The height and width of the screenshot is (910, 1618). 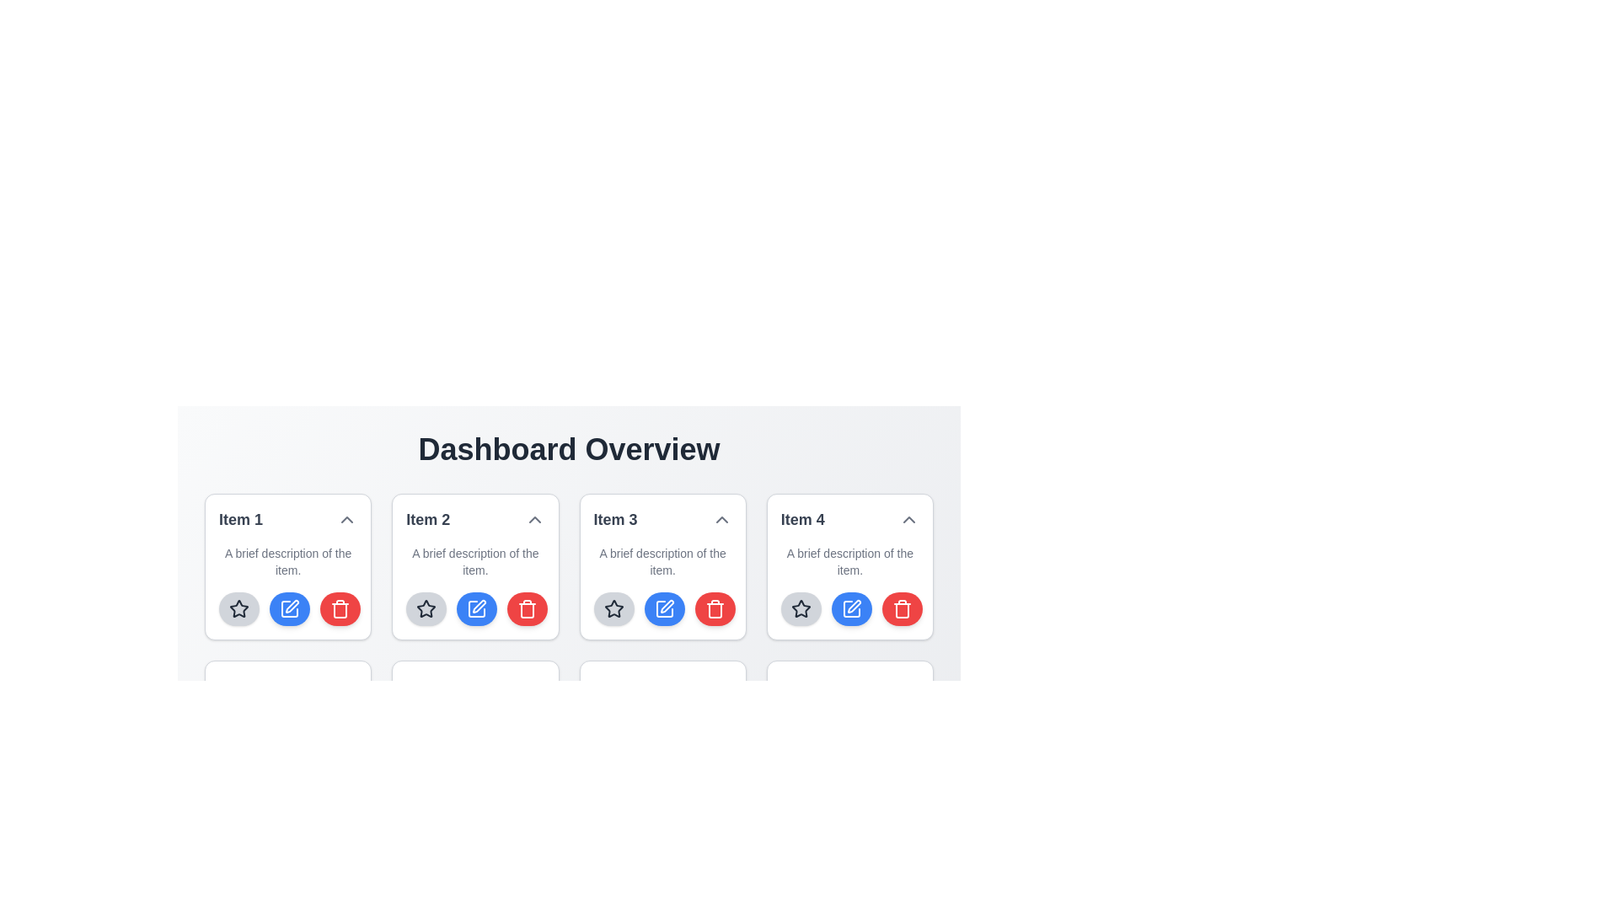 I want to click on static text displaying 'A brief description of the item.' located within the white, rounded rectangular box titled 'Item 1', positioned centrally below the title, so click(x=288, y=562).